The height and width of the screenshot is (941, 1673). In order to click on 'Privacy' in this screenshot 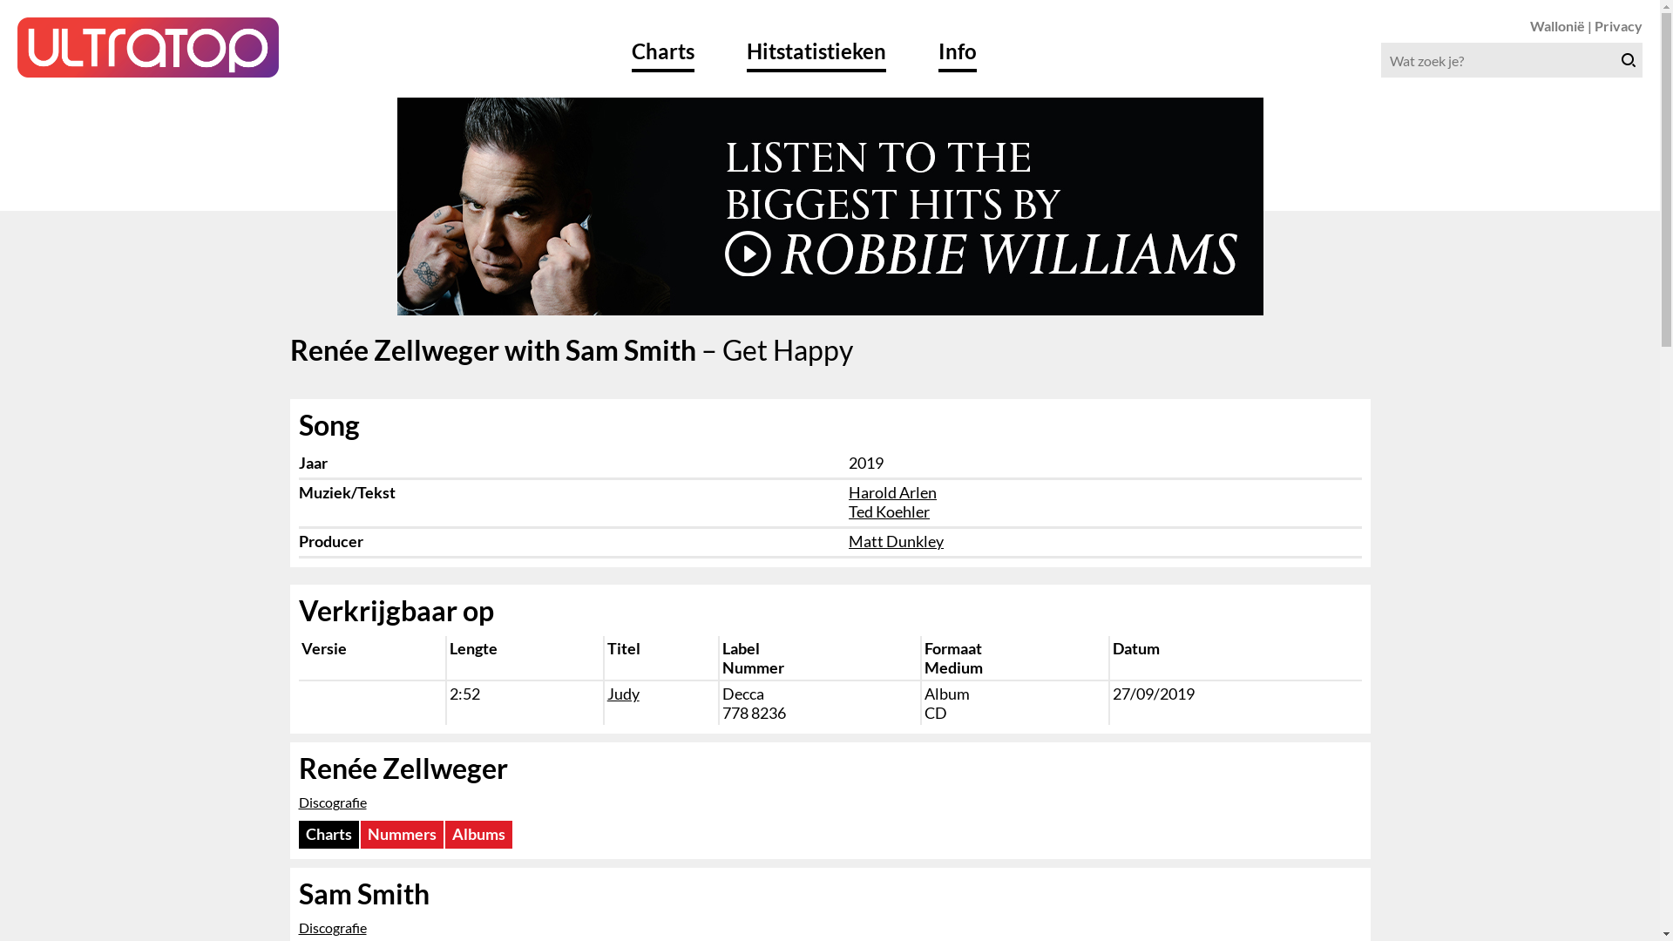, I will do `click(1617, 25)`.